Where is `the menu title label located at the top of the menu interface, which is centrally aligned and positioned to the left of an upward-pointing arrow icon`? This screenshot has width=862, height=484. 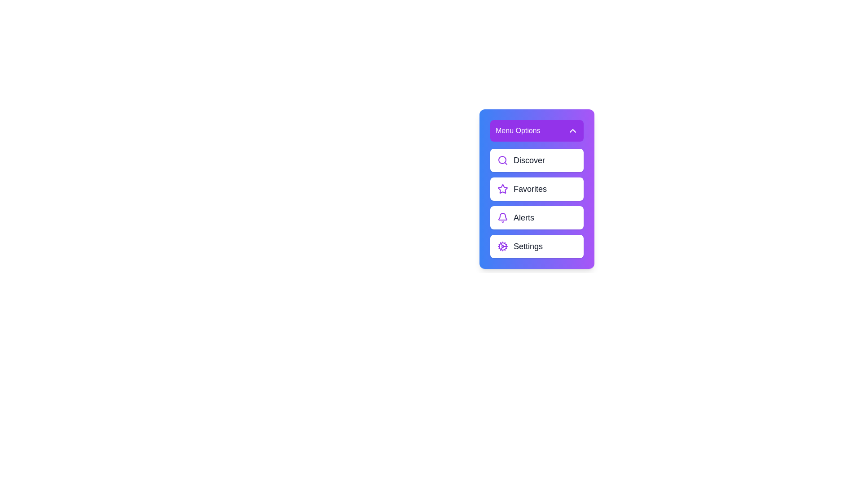 the menu title label located at the top of the menu interface, which is centrally aligned and positioned to the left of an upward-pointing arrow icon is located at coordinates (518, 131).